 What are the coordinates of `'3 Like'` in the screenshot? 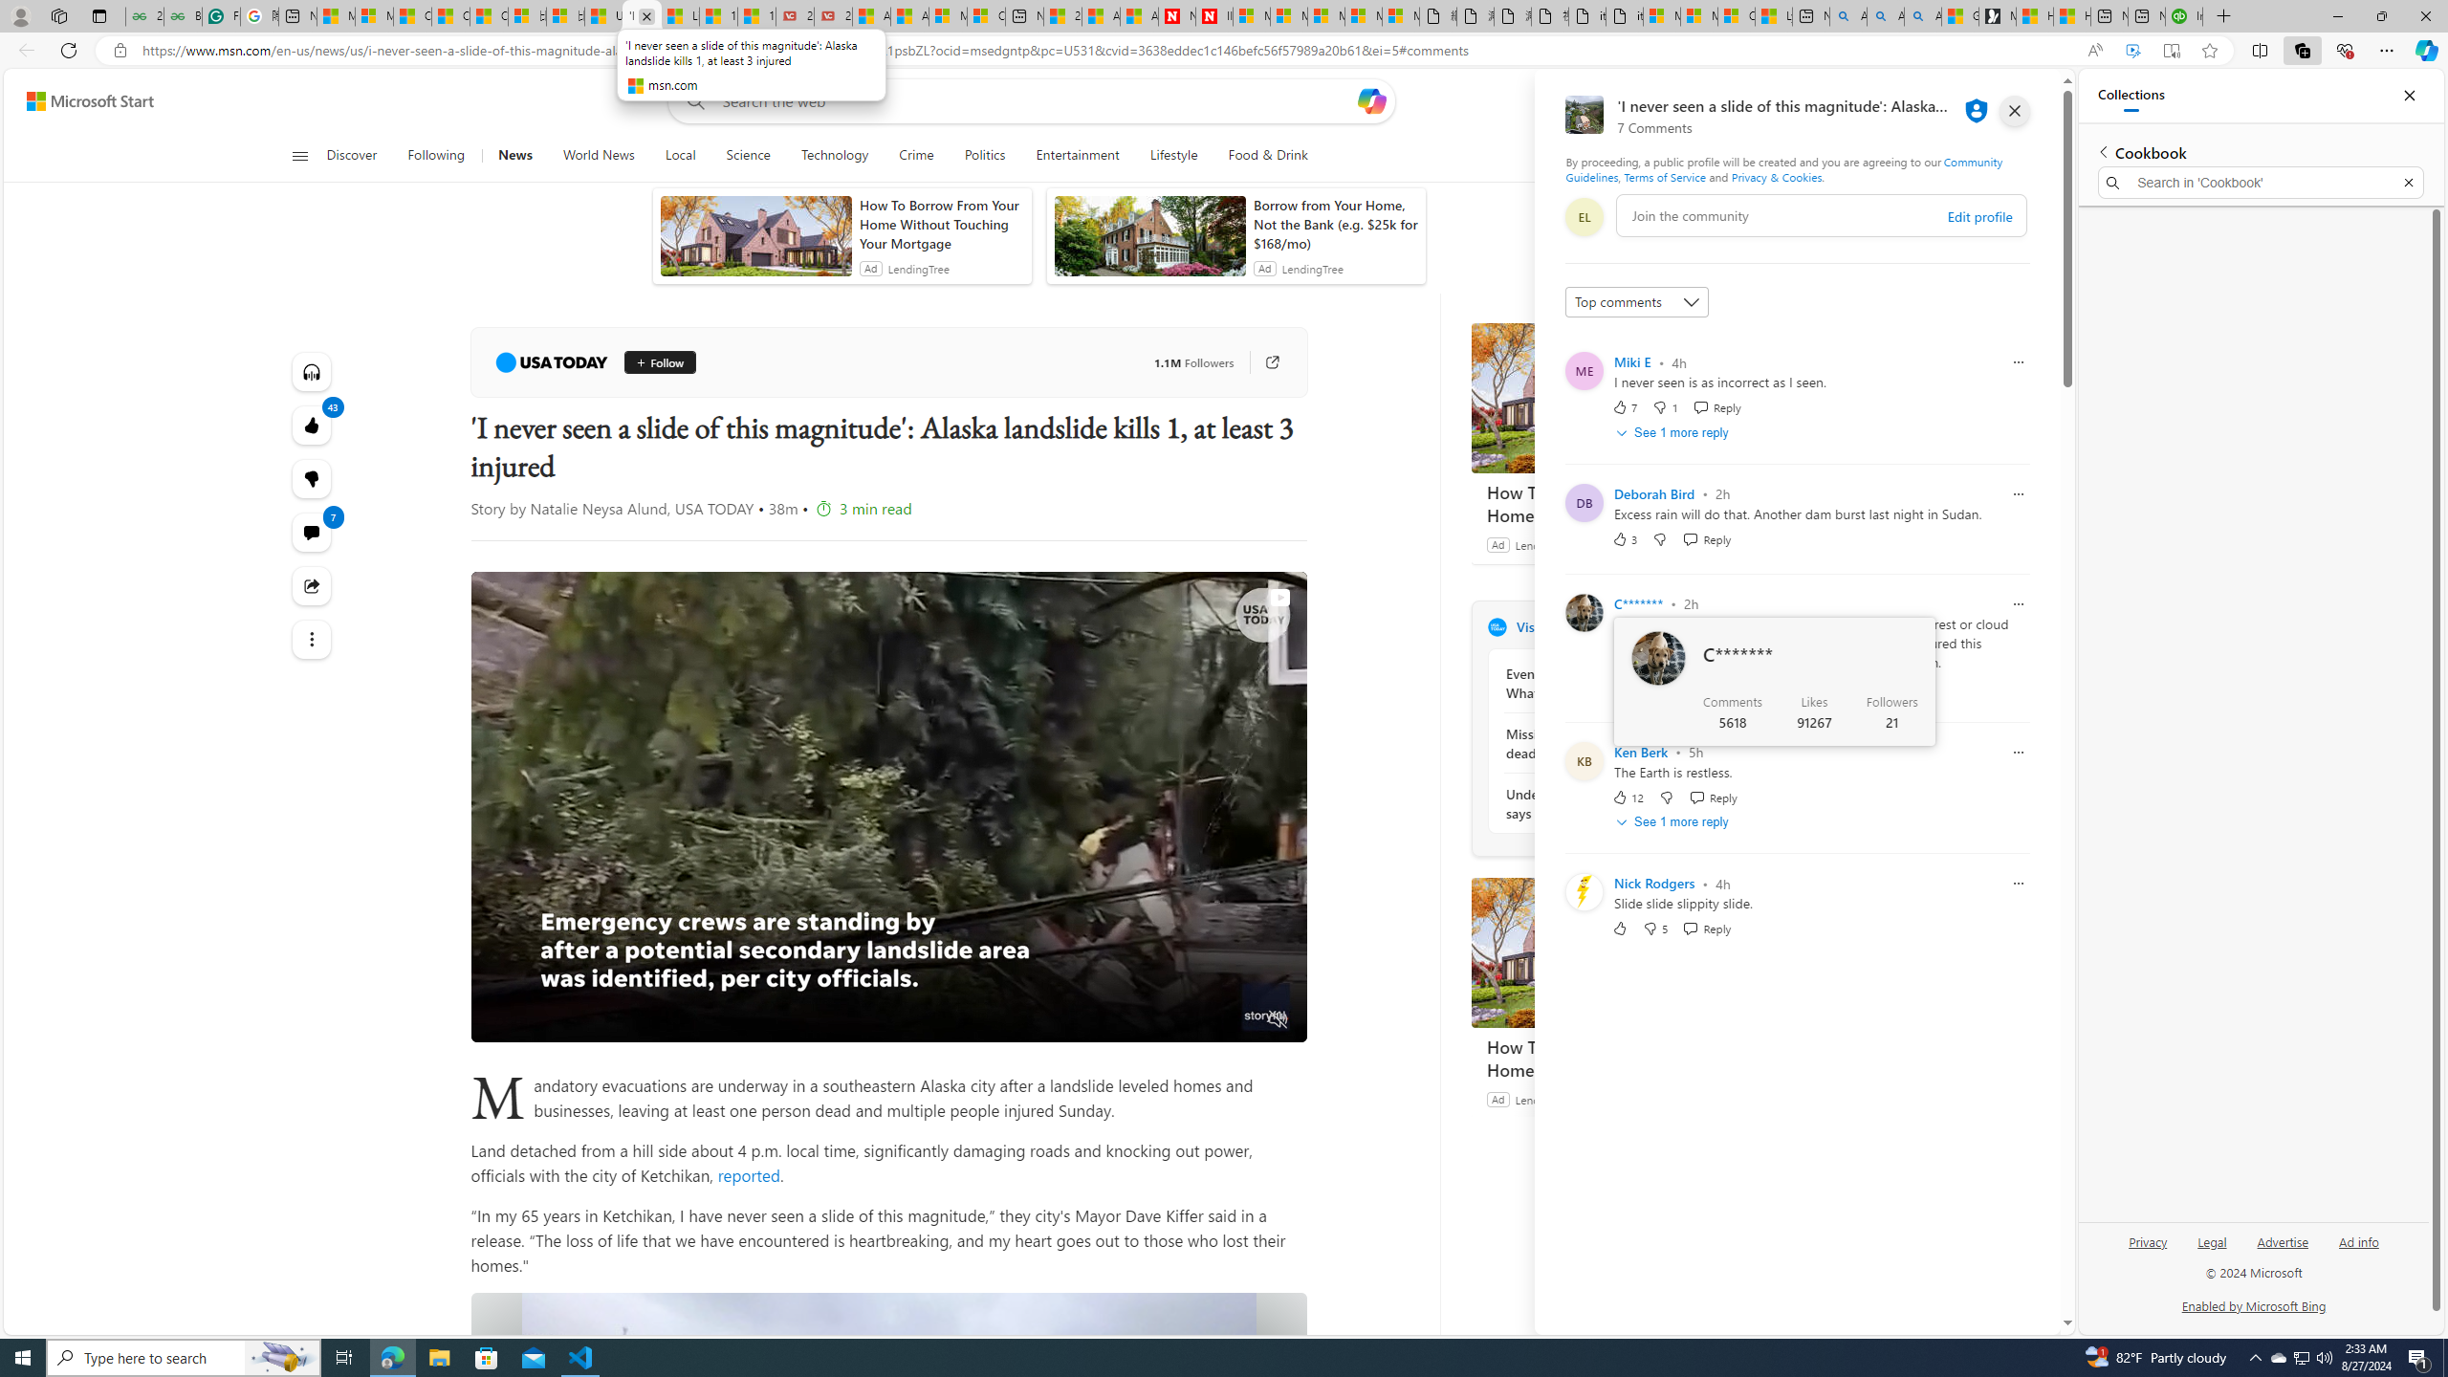 It's located at (1623, 537).